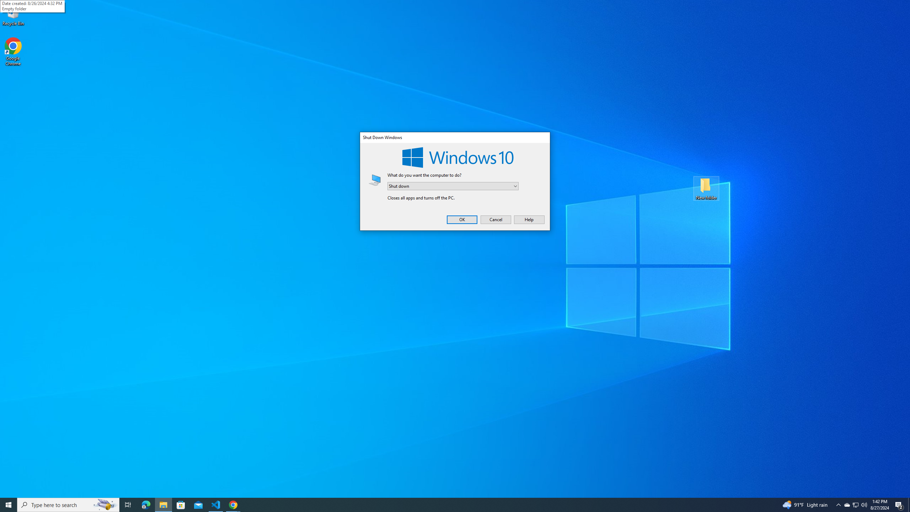  What do you see at coordinates (839, 504) in the screenshot?
I see `'Notification Chevron'` at bounding box center [839, 504].